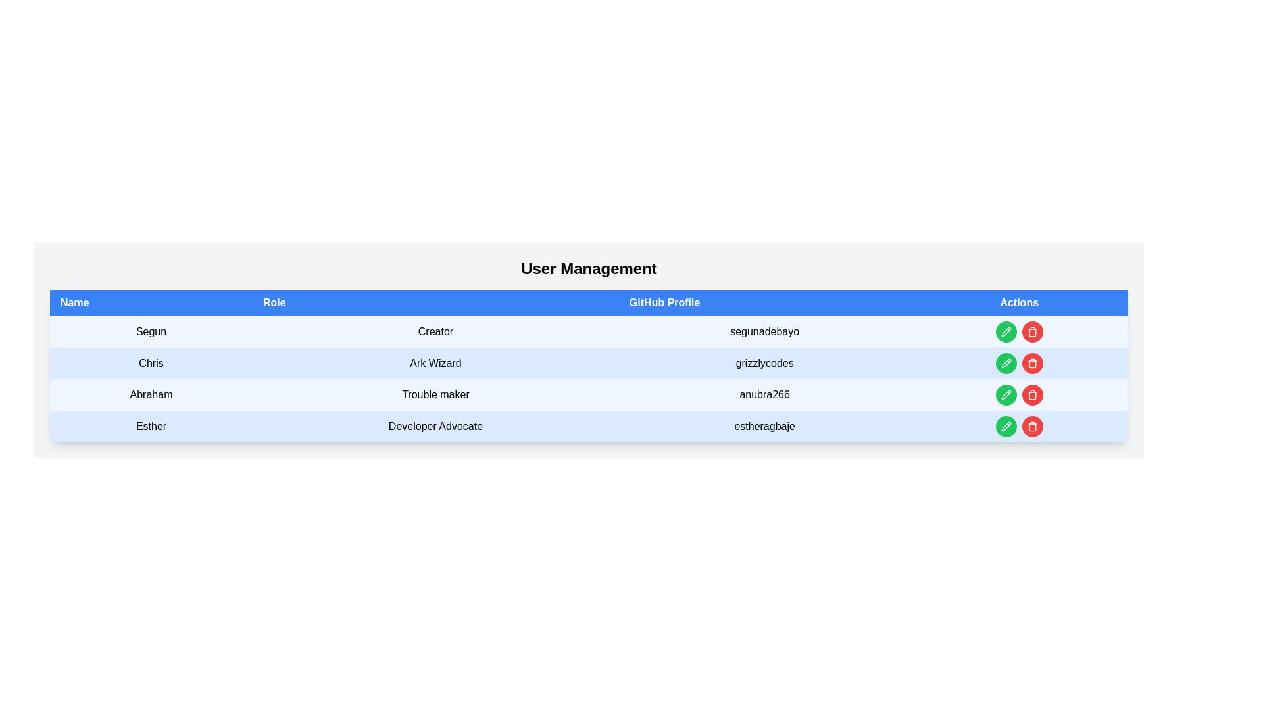 The width and height of the screenshot is (1263, 710). Describe the element at coordinates (151, 394) in the screenshot. I see `the user label in the third row of the user management table, which identifies the user and does not have interactive functionality` at that location.